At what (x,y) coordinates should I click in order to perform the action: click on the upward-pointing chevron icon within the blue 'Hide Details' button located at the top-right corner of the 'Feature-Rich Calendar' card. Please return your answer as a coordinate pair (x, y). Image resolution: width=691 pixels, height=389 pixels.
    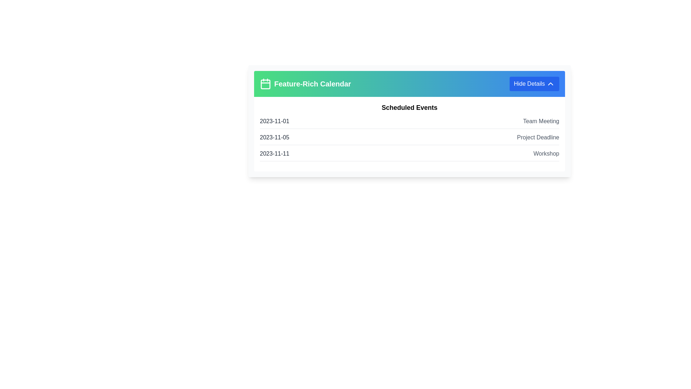
    Looking at the image, I should click on (550, 83).